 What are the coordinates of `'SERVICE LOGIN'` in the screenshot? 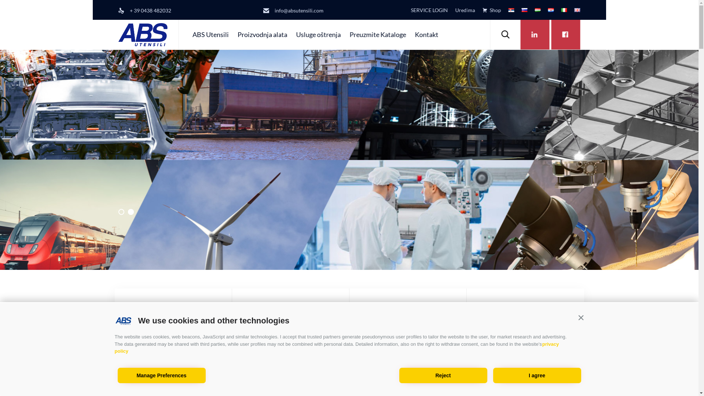 It's located at (403, 10).